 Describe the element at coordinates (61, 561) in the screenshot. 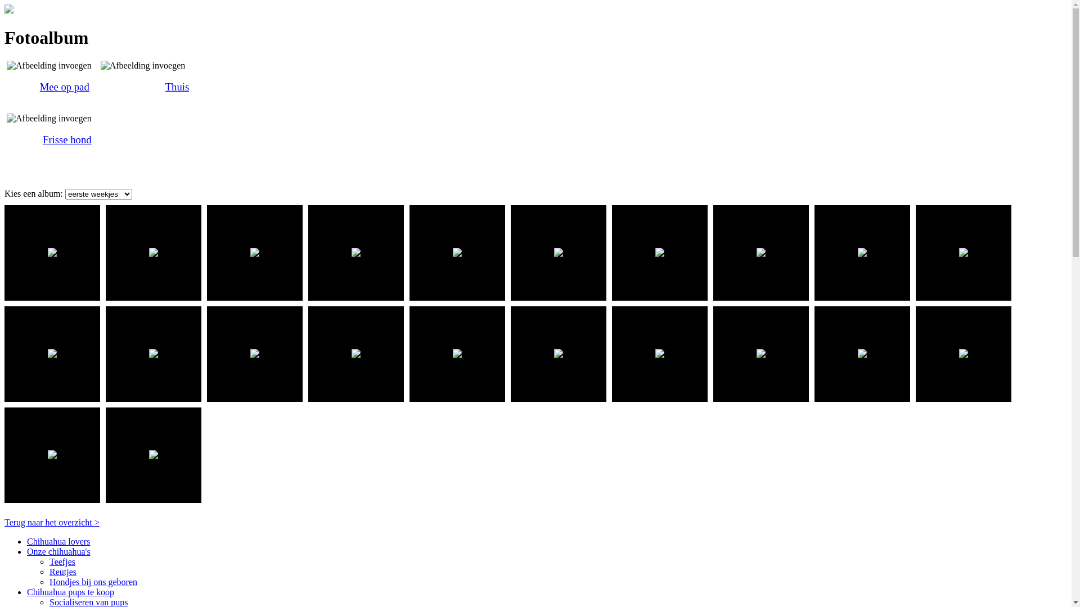

I see `'Teefjes'` at that location.